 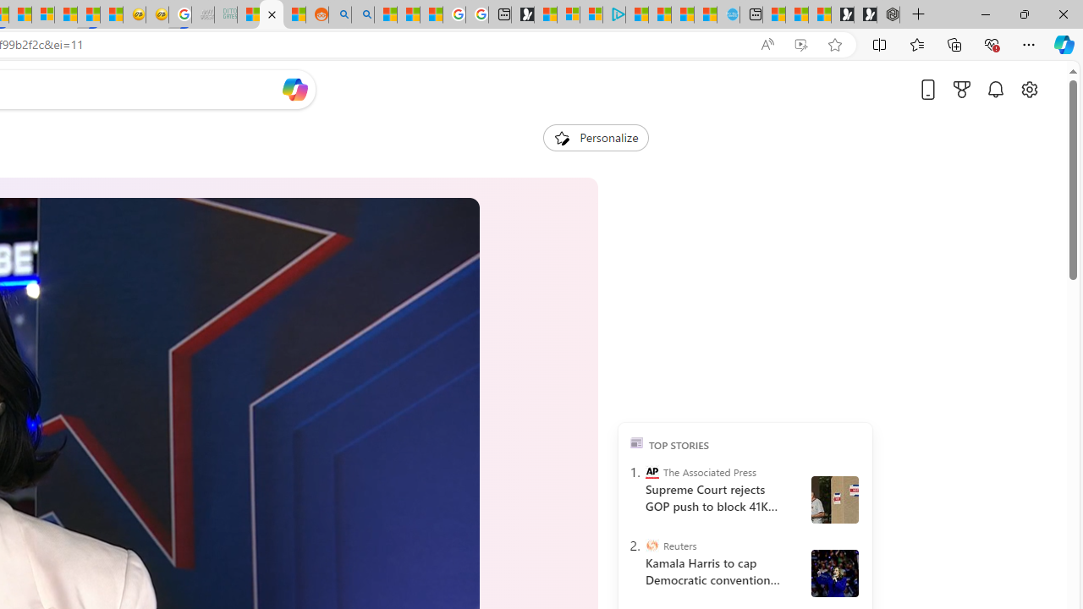 I want to click on 'The Associated Press', so click(x=651, y=472).